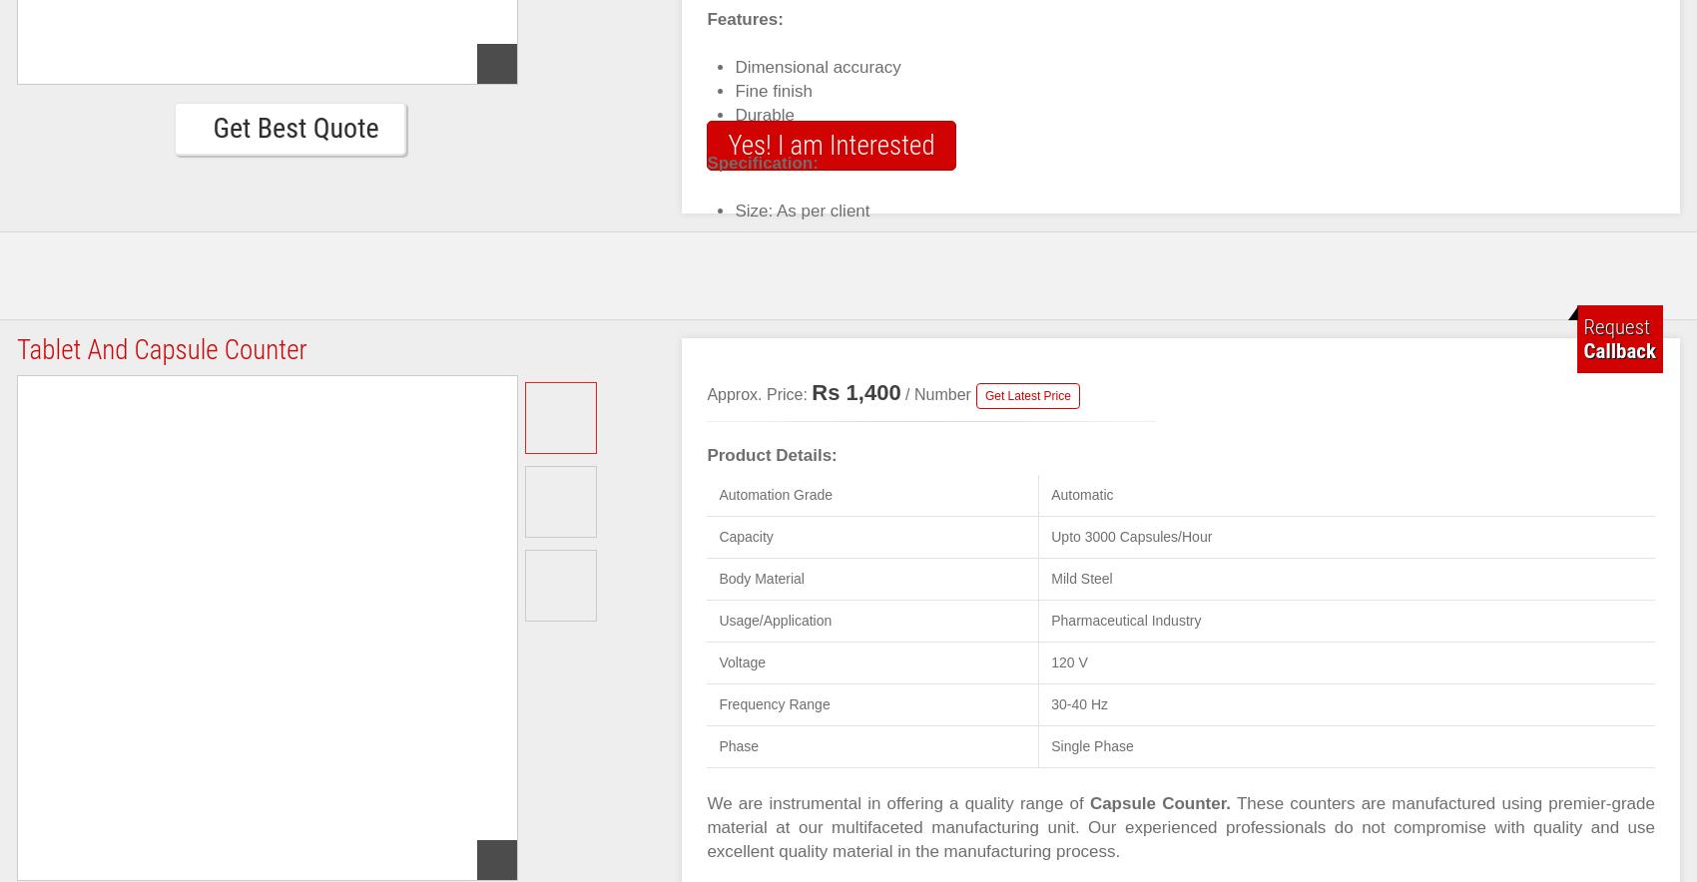 This screenshot has width=1697, height=882. Describe the element at coordinates (707, 394) in the screenshot. I see `'Approx. Price:'` at that location.